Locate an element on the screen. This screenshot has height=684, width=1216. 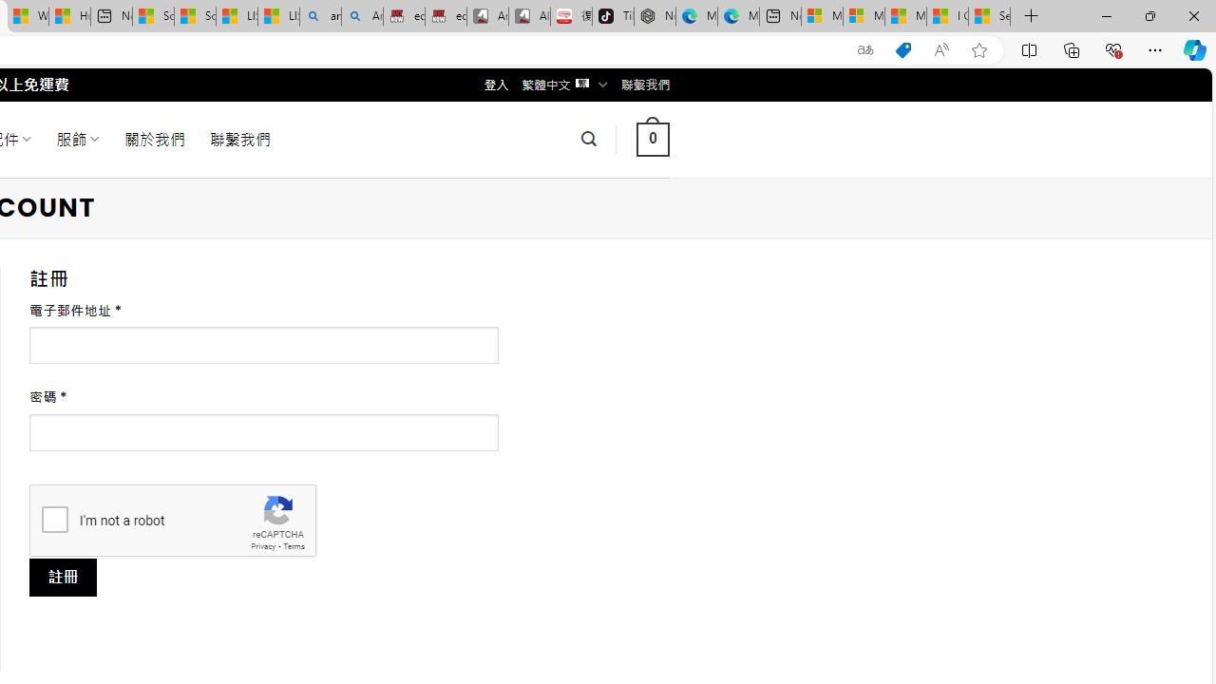
'Microsoft account | Privacy' is located at coordinates (863, 16).